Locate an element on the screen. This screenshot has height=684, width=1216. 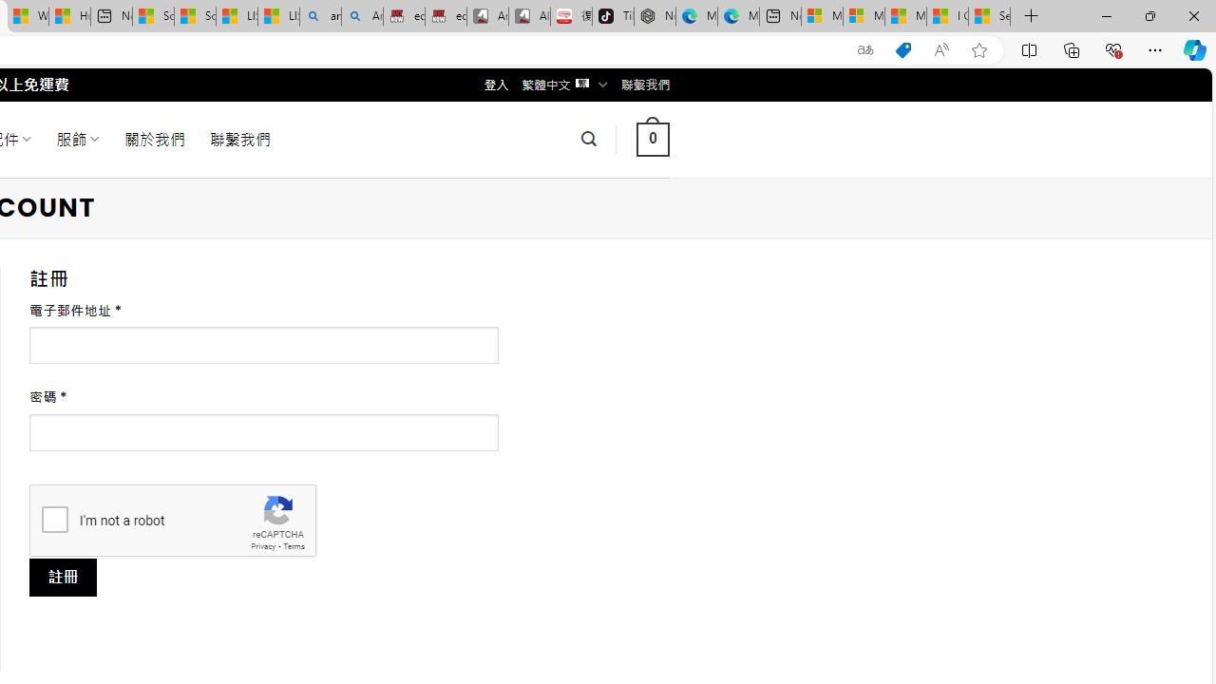
'Microsoft account | Privacy' is located at coordinates (863, 16).